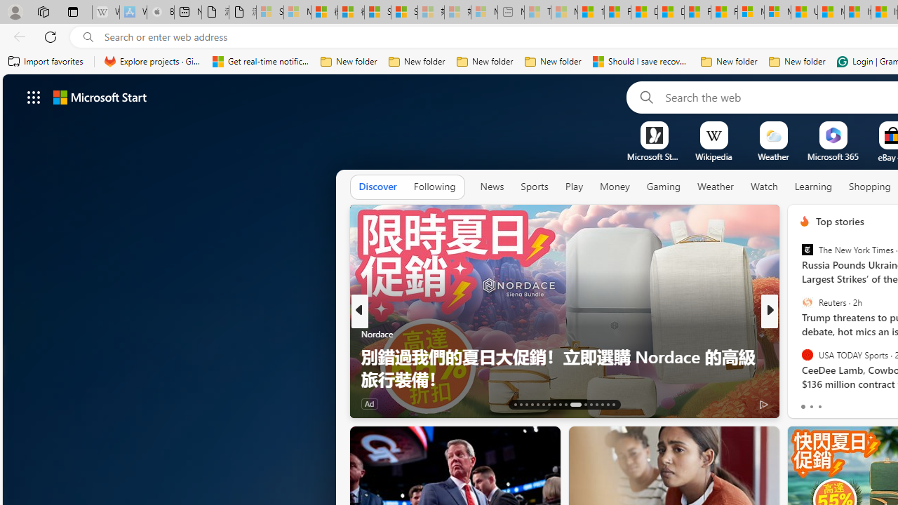  I want to click on 'Sports', so click(533, 186).